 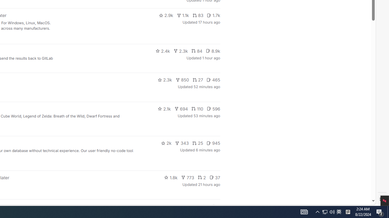 What do you see at coordinates (197, 108) in the screenshot?
I see `'110'` at bounding box center [197, 108].